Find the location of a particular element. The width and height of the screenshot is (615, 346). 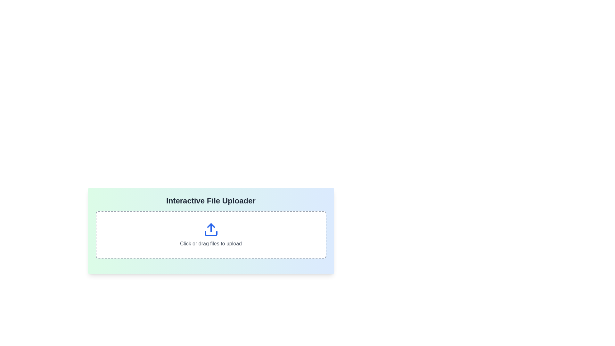

the arrow icon within the file upload indicator, which visually represents the action of uploading files, located above the text 'Click or drag files to upload.' is located at coordinates (211, 225).